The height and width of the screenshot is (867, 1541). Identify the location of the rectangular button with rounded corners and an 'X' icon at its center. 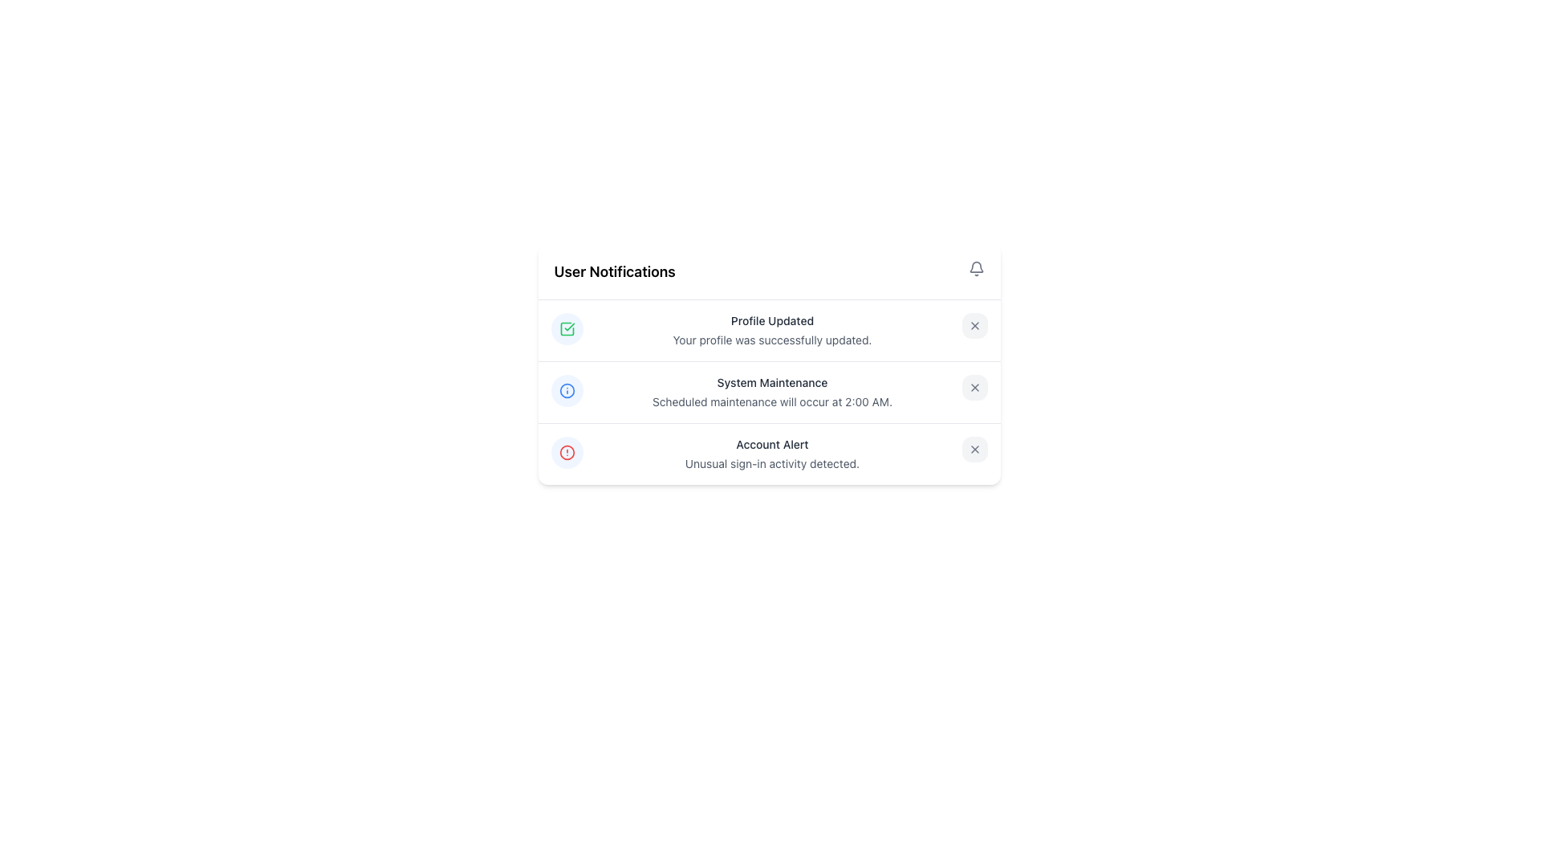
(974, 387).